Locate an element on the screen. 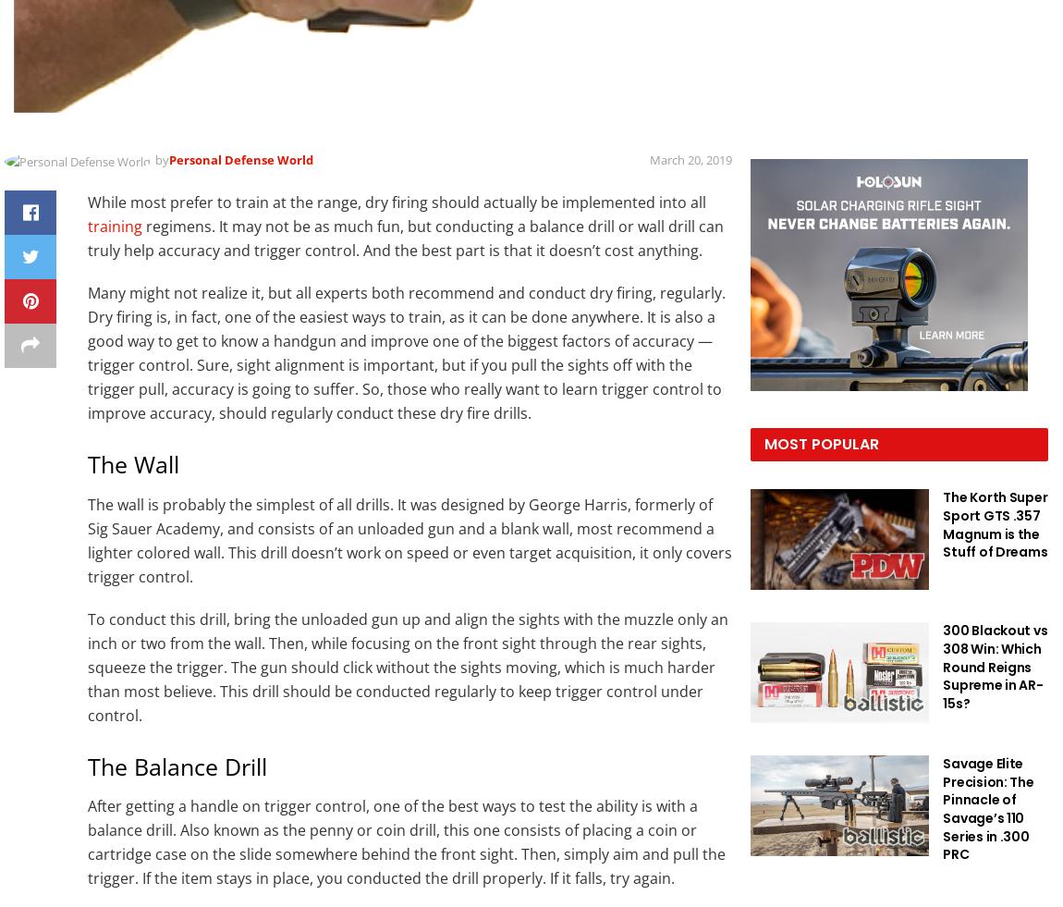 The image size is (1063, 907). 'The Balance Drill' is located at coordinates (86, 765).